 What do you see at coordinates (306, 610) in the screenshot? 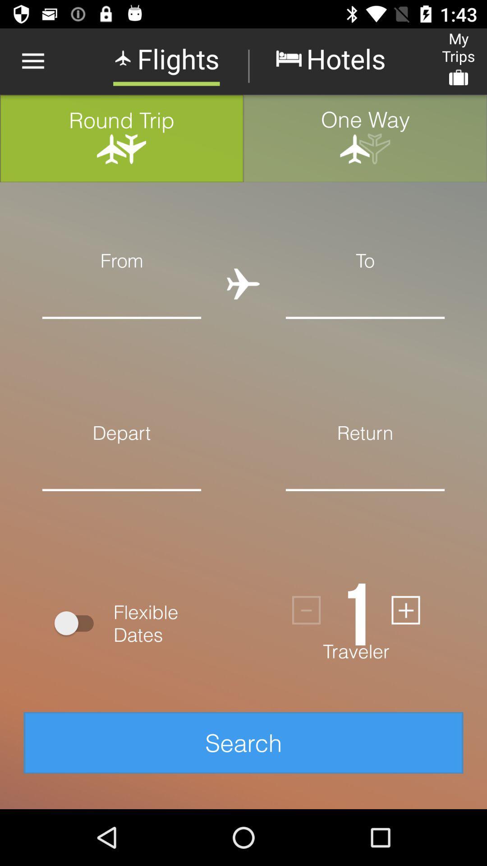
I see `reduce quantity` at bounding box center [306, 610].